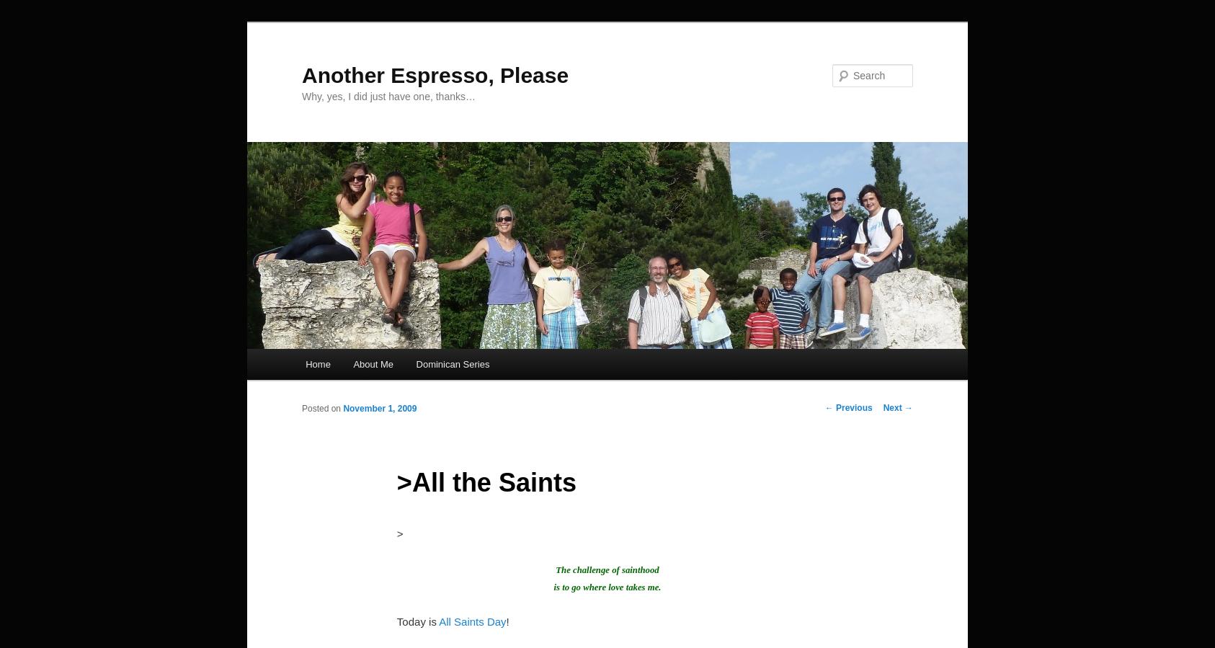  I want to click on '>All the Saints', so click(396, 481).